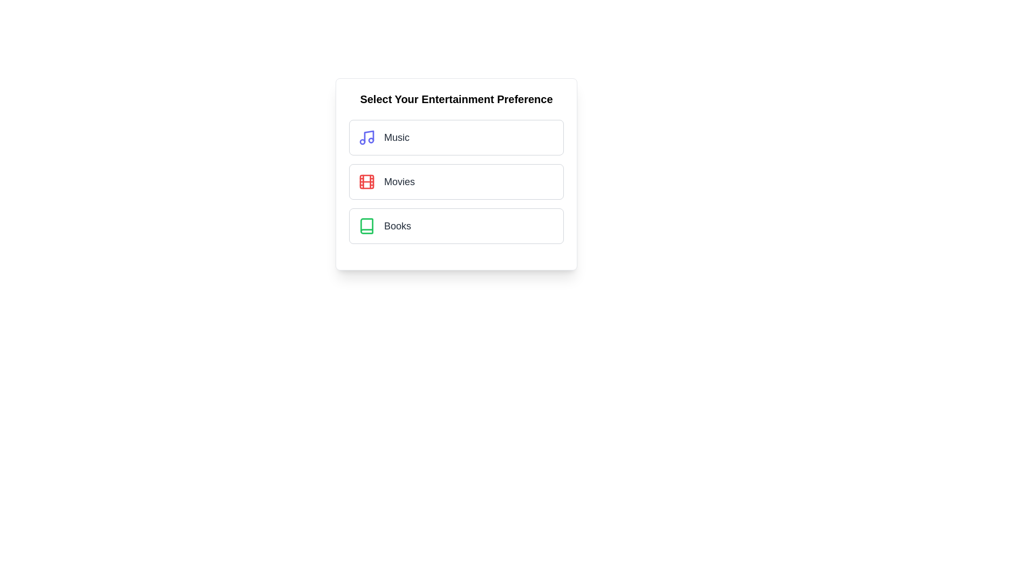  I want to click on the book icon with a green outline located to the left of the text 'Books' in the third row of the vertical list, so click(367, 226).